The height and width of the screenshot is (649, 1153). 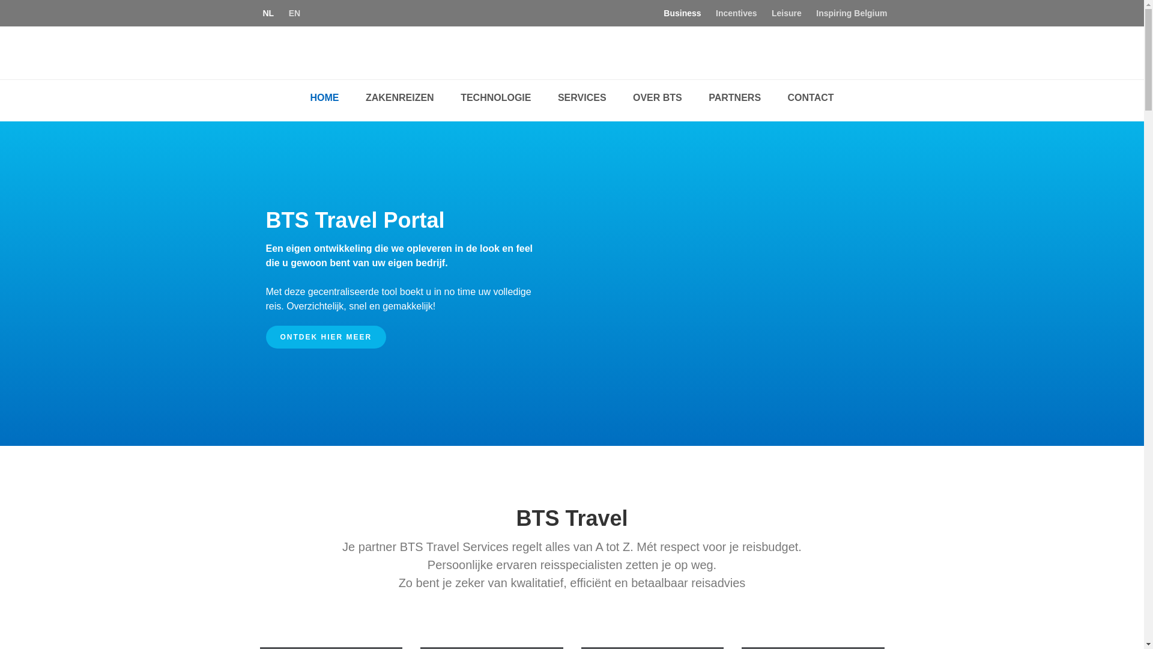 I want to click on 'ONTDEK HIER MEER', so click(x=264, y=337).